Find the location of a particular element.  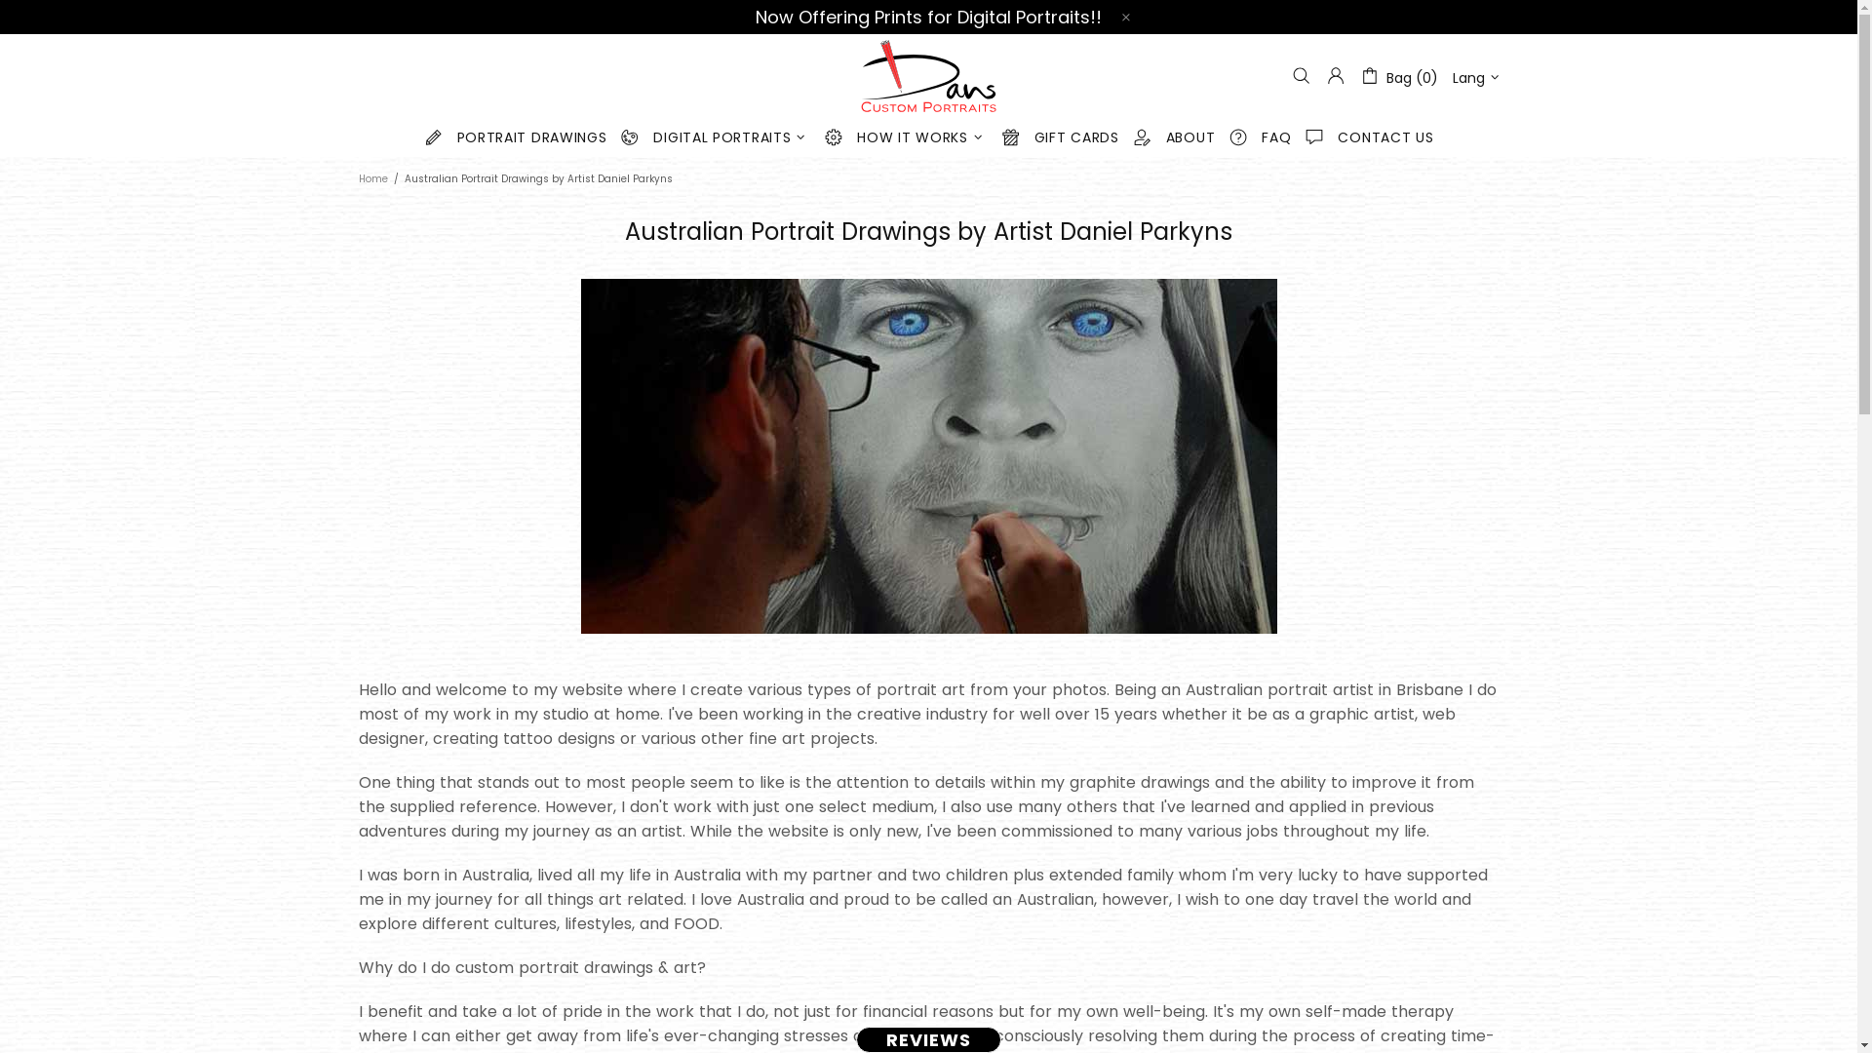

'HOW IT WORKS' is located at coordinates (817, 136).